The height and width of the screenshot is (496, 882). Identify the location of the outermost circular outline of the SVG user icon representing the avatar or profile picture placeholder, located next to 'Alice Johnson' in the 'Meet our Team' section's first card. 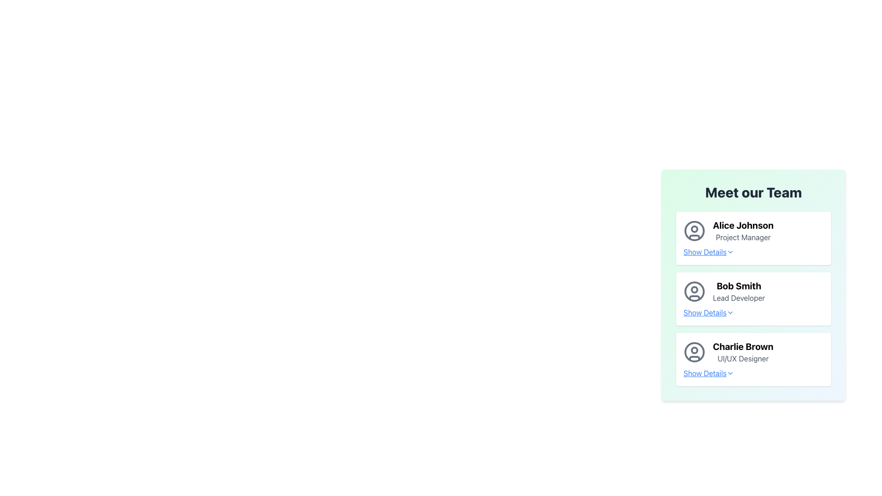
(695, 230).